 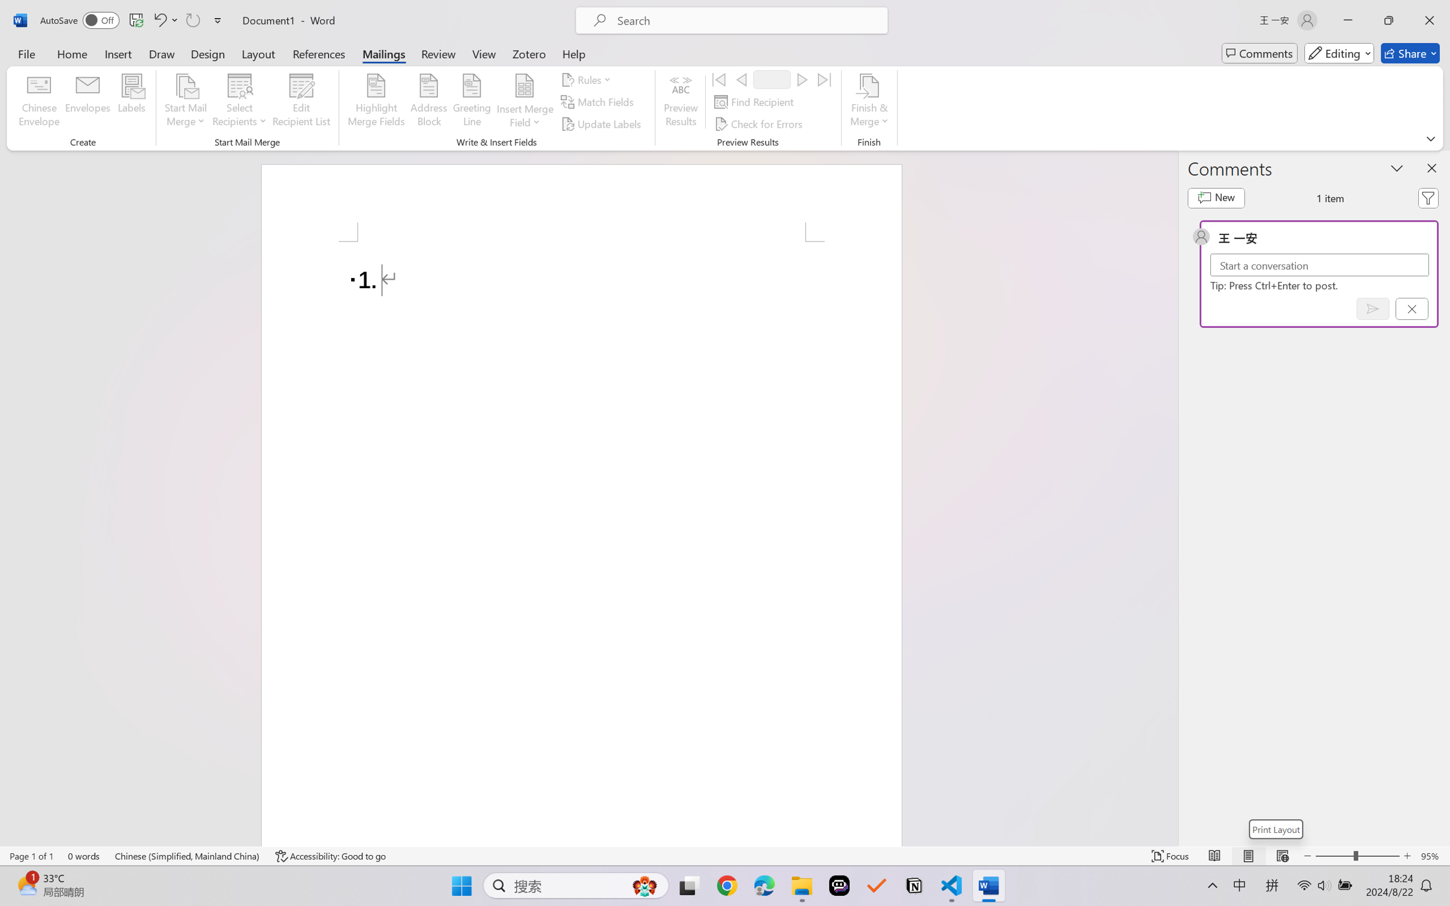 I want to click on 'Insert Merge Field', so click(x=524, y=102).